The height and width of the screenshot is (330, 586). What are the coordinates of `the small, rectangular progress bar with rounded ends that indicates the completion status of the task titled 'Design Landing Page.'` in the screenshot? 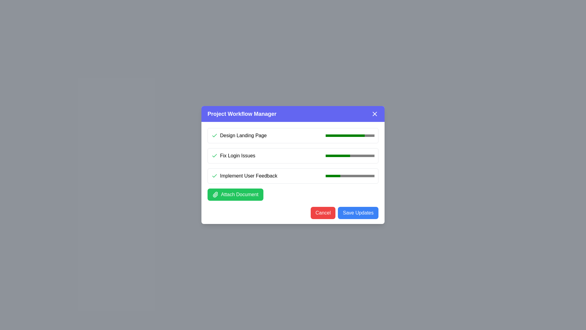 It's located at (350, 135).